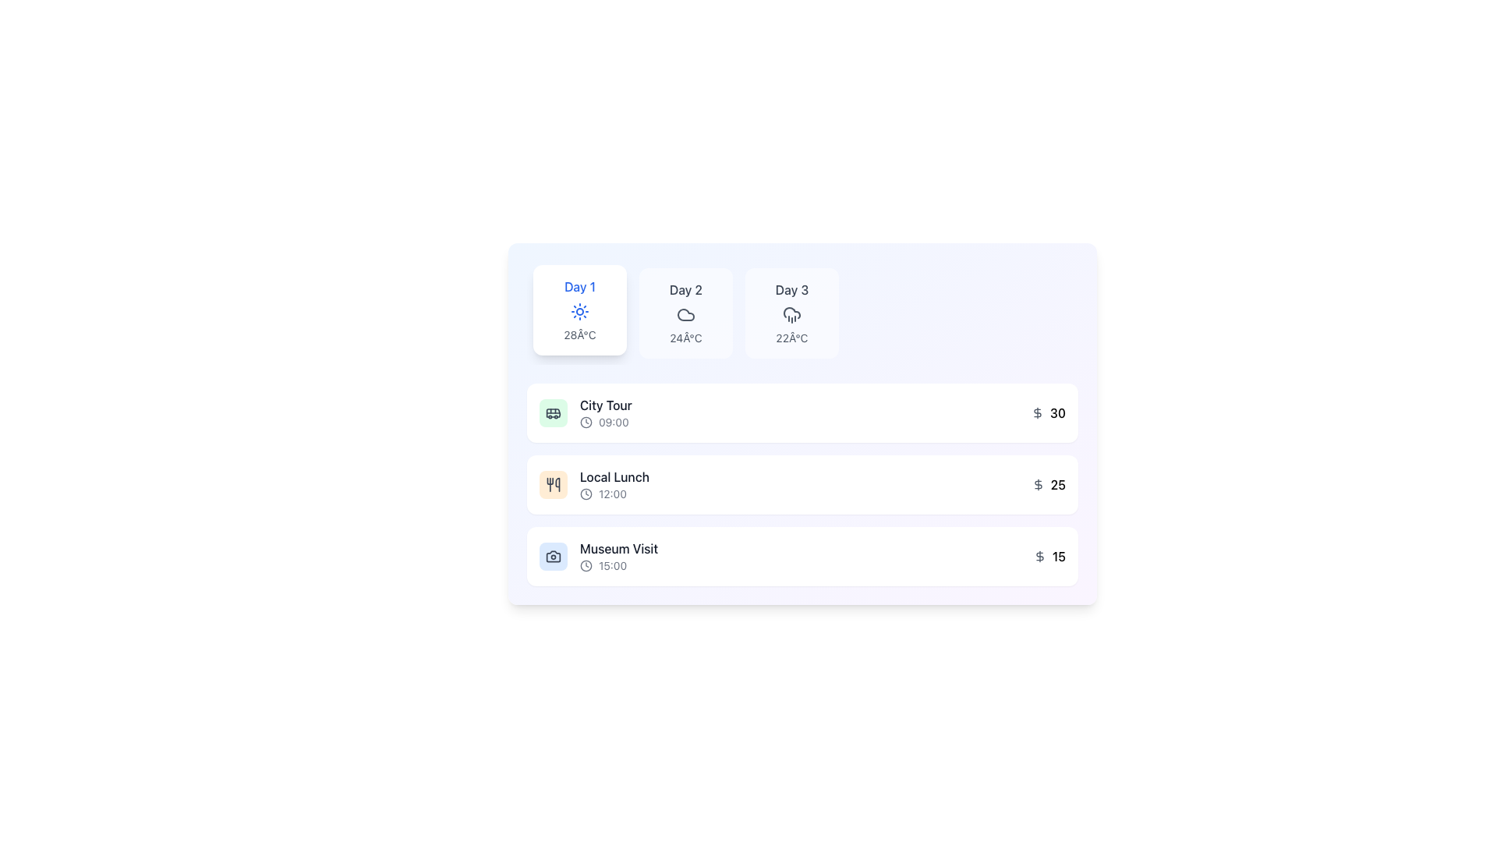  I want to click on the time displayed in the Time indicator for the 'Local Lunch' entry, which is located to the right of the clock icon and underneath the 'Local Lunch' label text, so click(614, 494).